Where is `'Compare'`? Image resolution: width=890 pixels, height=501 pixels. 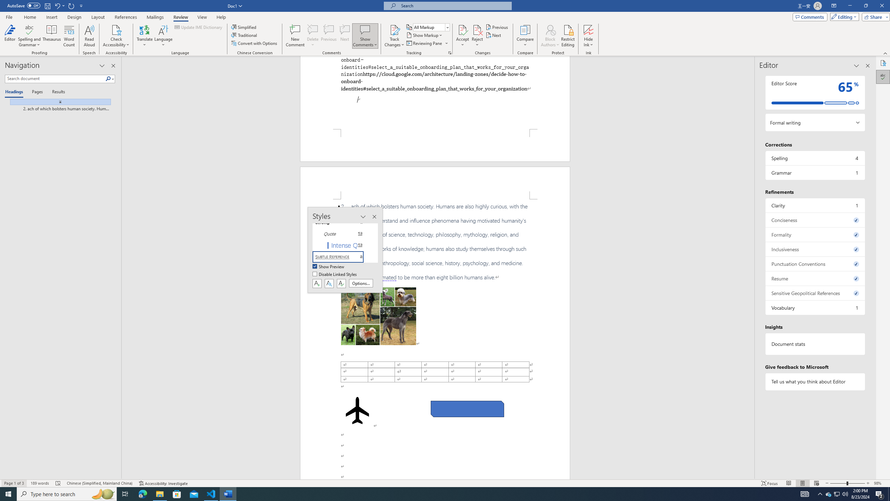 'Compare' is located at coordinates (525, 36).